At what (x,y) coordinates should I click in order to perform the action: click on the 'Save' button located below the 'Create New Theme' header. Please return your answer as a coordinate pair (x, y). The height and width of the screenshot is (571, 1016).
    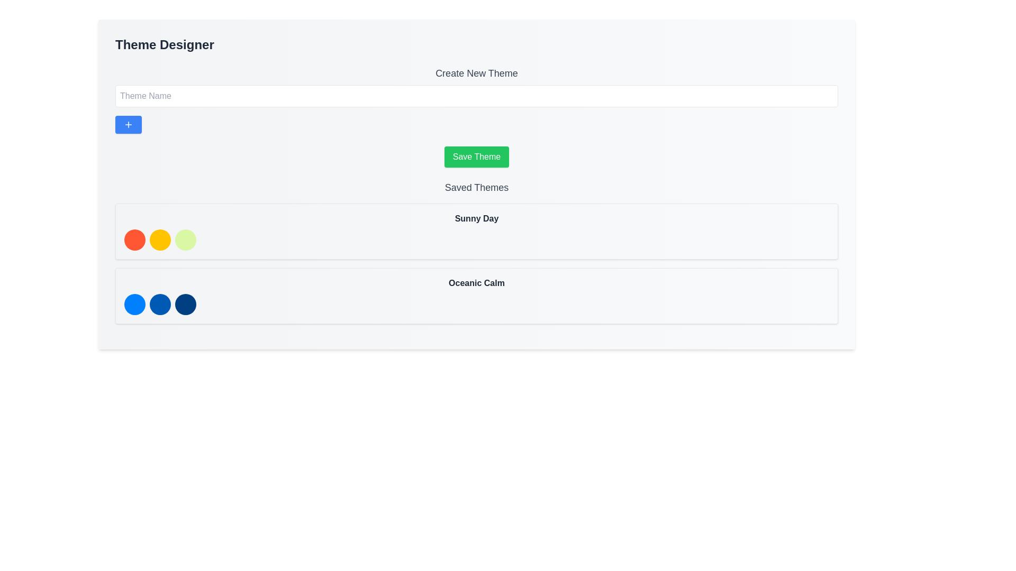
    Looking at the image, I should click on (476, 157).